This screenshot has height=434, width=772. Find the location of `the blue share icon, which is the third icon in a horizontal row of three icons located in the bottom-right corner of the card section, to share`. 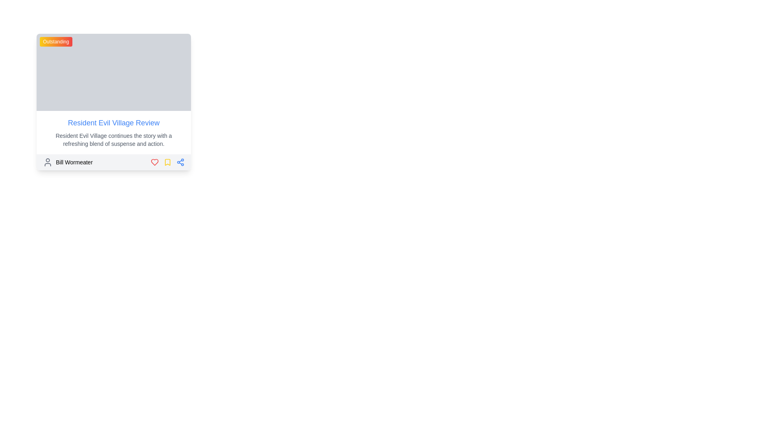

the blue share icon, which is the third icon in a horizontal row of three icons located in the bottom-right corner of the card section, to share is located at coordinates (180, 162).